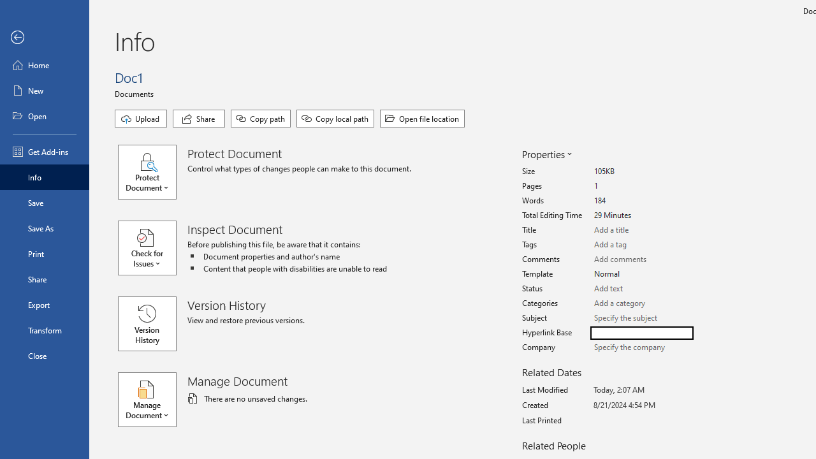 The image size is (816, 459). Describe the element at coordinates (641, 332) in the screenshot. I see `'Hyperlink Base'` at that location.